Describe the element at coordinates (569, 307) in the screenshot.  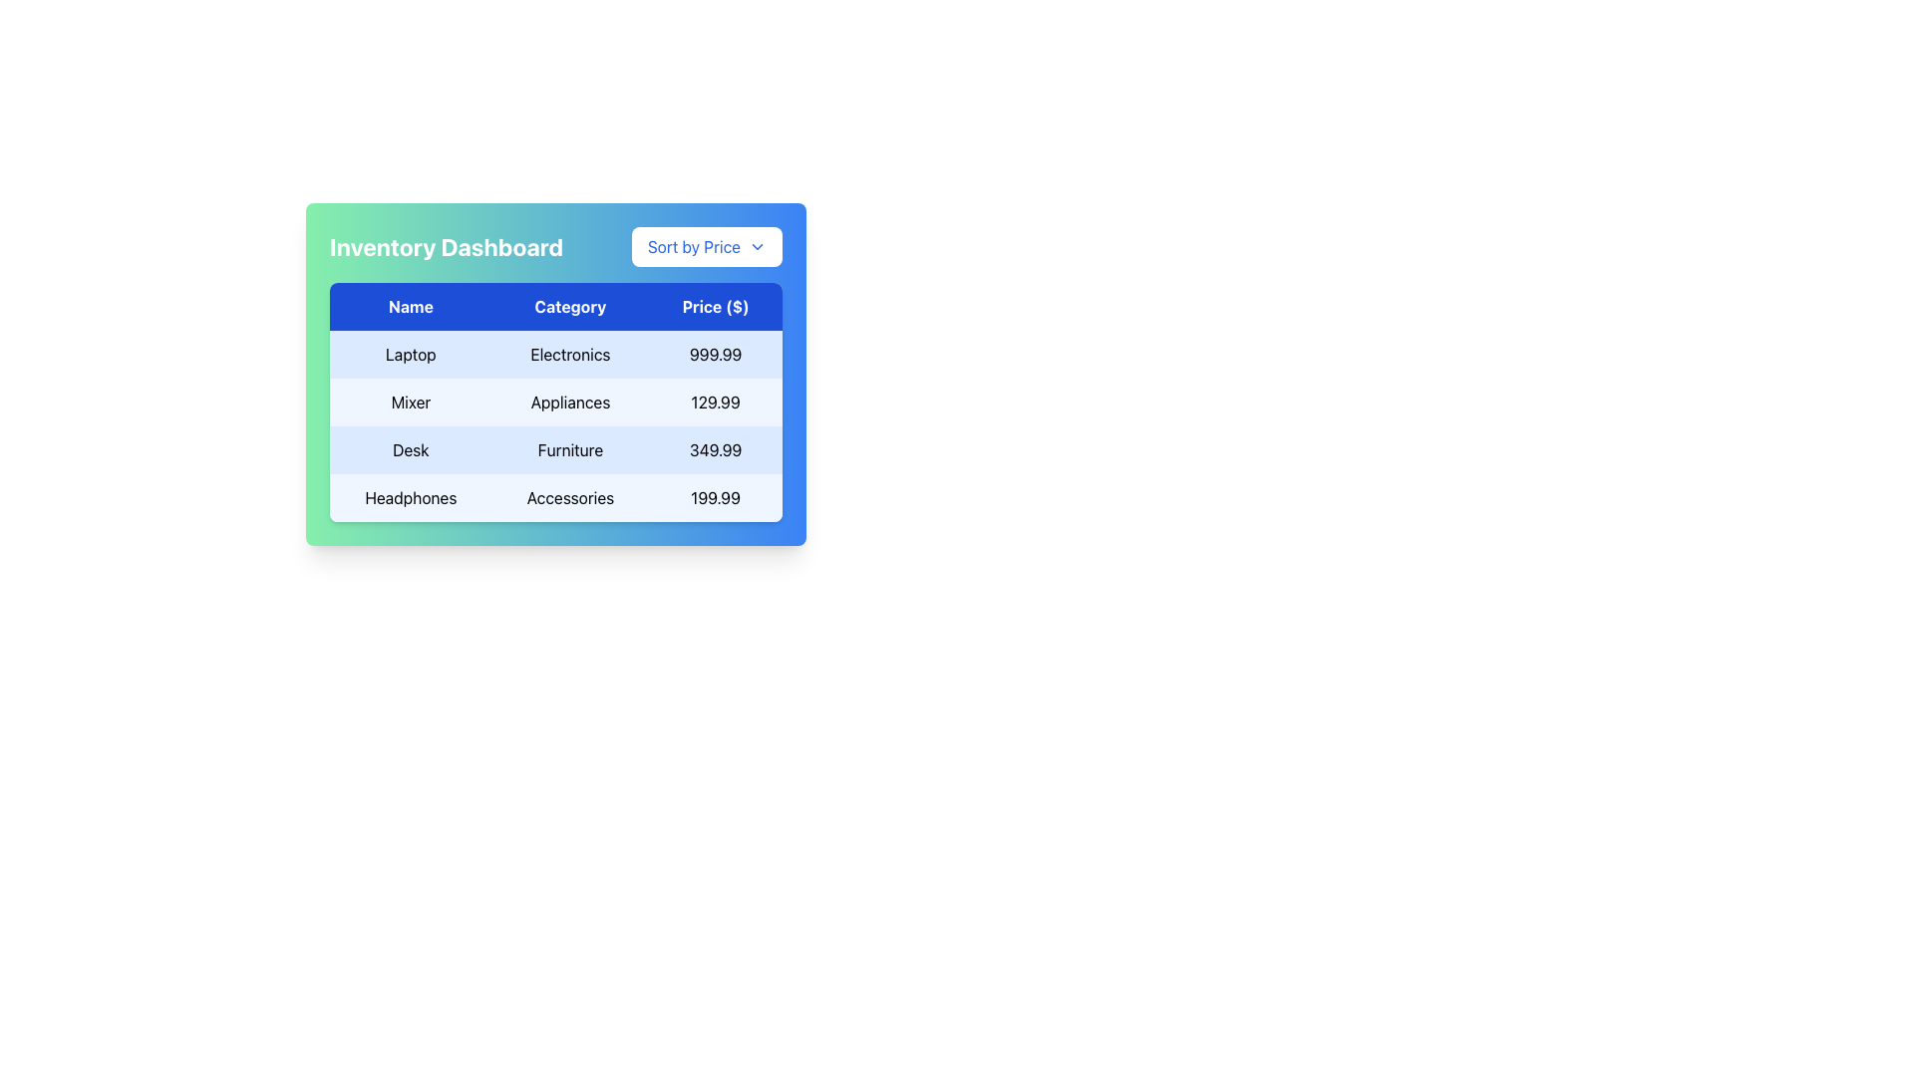
I see `the Table Header Cell with the solid blue background and centered white text reading 'Category', located in the center column of the header row` at that location.